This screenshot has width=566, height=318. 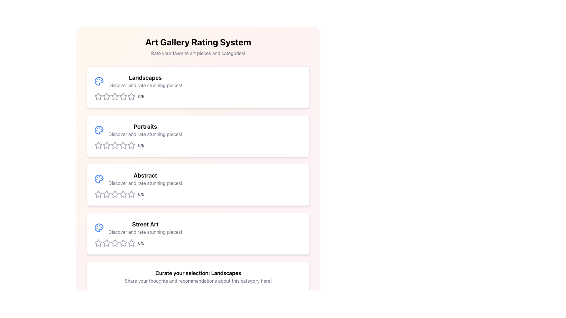 What do you see at coordinates (115, 243) in the screenshot?
I see `the second star icon from the left in the rating system located within the bottom-most card labeled 'Street Art'` at bounding box center [115, 243].